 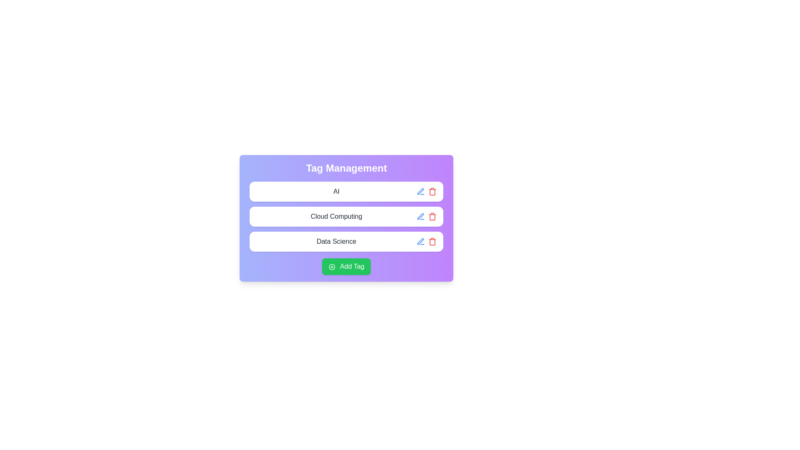 What do you see at coordinates (432, 241) in the screenshot?
I see `the delete icon button for the 'Data Science' tag located on the right side of the last row in the 'Tag Management' block to observe its style change` at bounding box center [432, 241].